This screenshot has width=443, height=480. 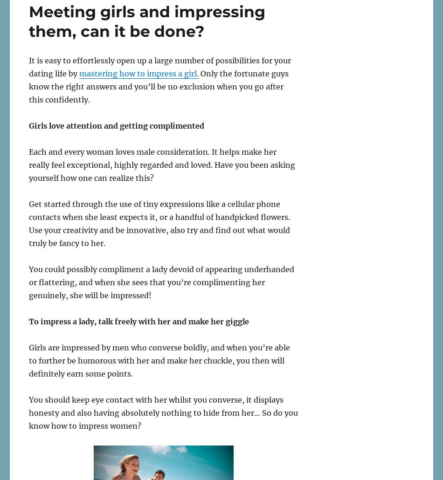 I want to click on 'Get started through the use of tiny expressions like a cellular phone contacts when she least expects it, or a handful of handpicked flowers. Use your creativity and be innovative, also try and find out what would truly be fancy to her.', so click(x=159, y=222).